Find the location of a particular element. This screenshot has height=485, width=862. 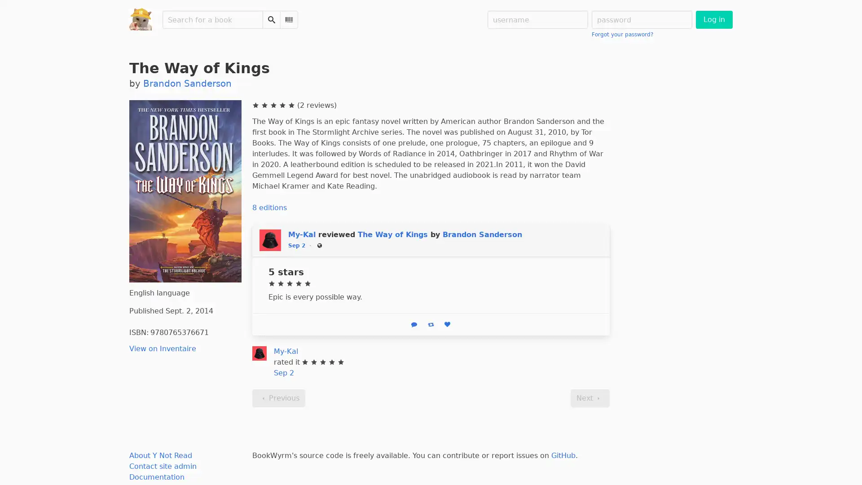

Scan Barcode is located at coordinates (289, 19).